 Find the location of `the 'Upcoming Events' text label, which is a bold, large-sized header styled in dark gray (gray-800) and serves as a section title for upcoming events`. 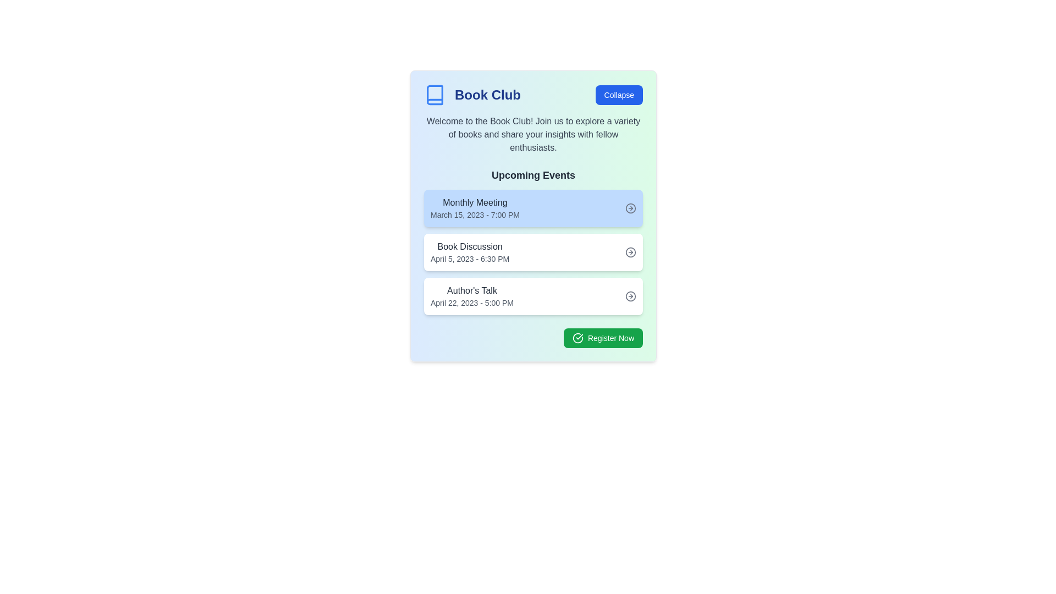

the 'Upcoming Events' text label, which is a bold, large-sized header styled in dark gray (gray-800) and serves as a section title for upcoming events is located at coordinates (533, 175).